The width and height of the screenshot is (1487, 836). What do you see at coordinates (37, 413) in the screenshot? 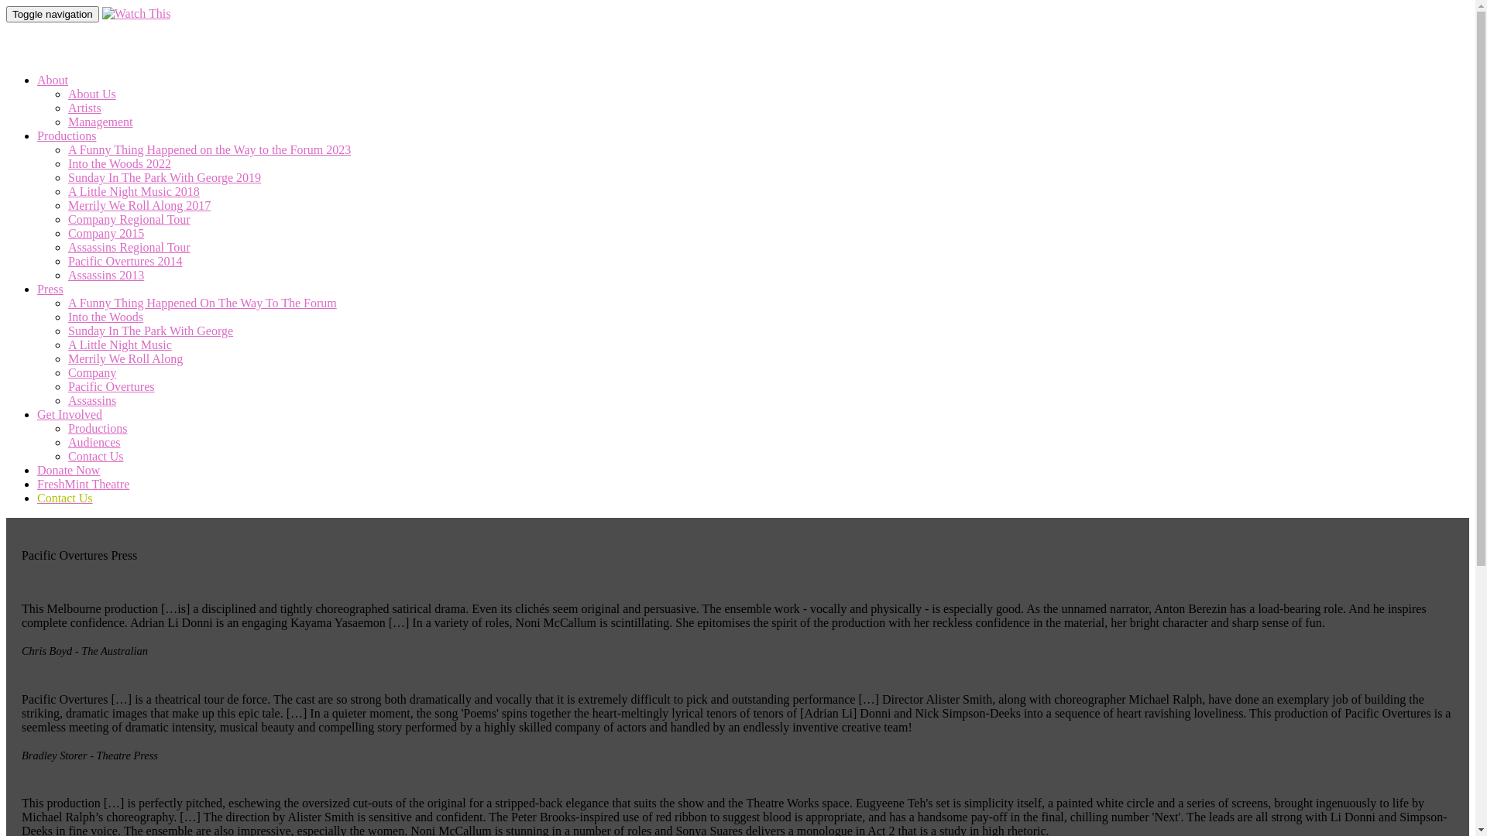
I see `'Get Involved'` at bounding box center [37, 413].